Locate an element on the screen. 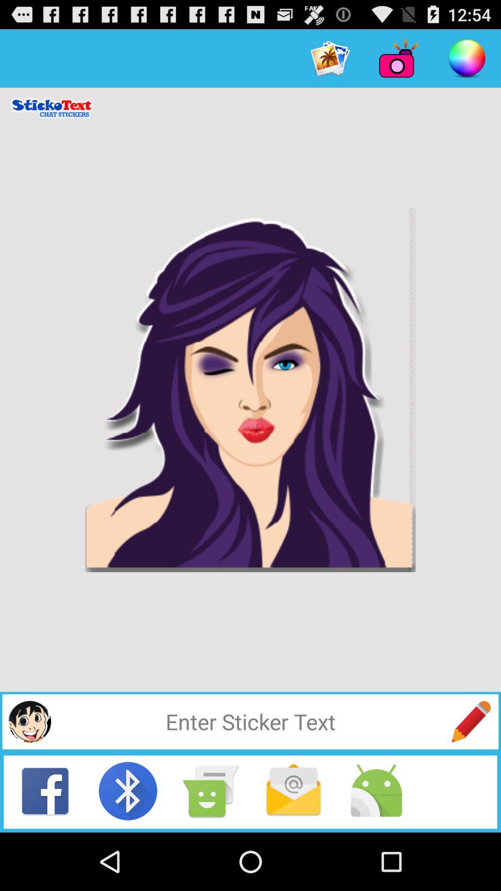 The width and height of the screenshot is (501, 891). profile is located at coordinates (29, 721).